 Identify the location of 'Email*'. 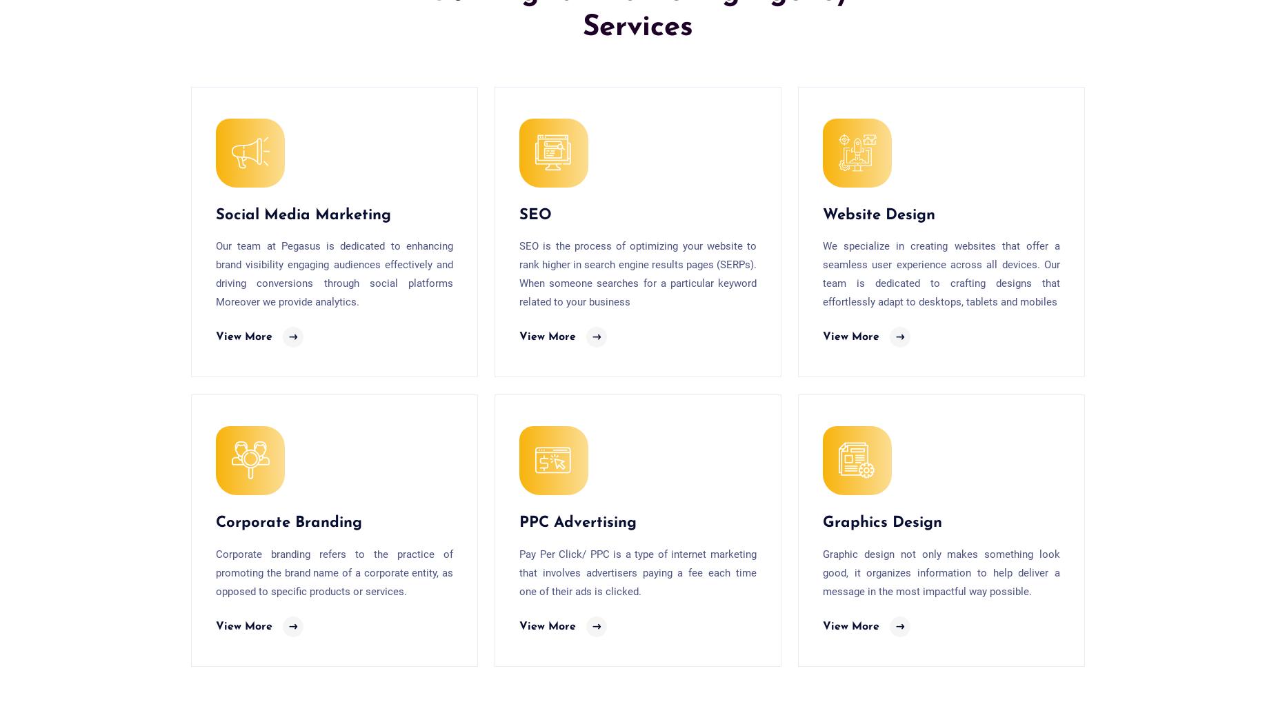
(837, 11).